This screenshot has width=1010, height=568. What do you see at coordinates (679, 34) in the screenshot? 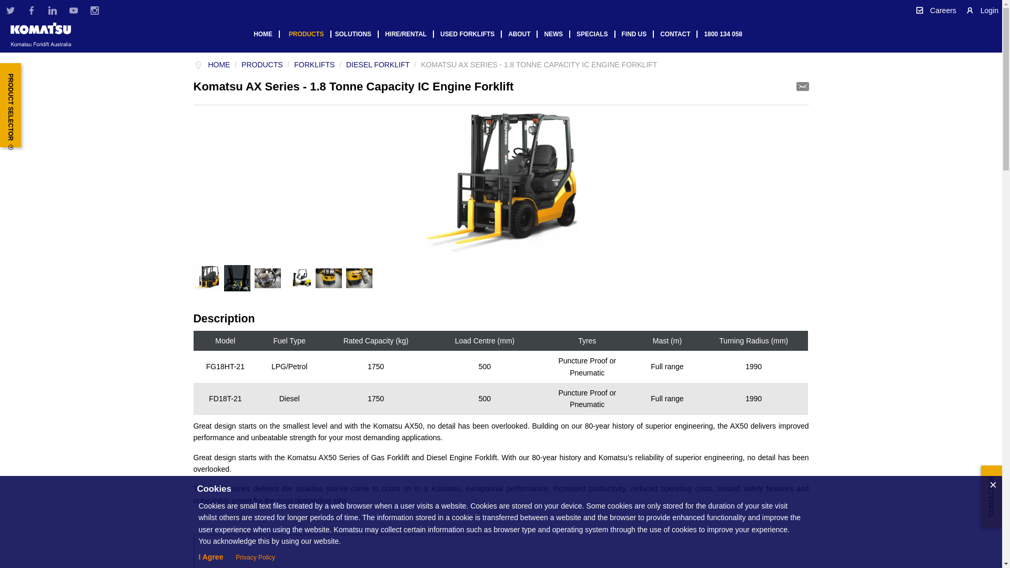
I see `'CONTACT'` at bounding box center [679, 34].